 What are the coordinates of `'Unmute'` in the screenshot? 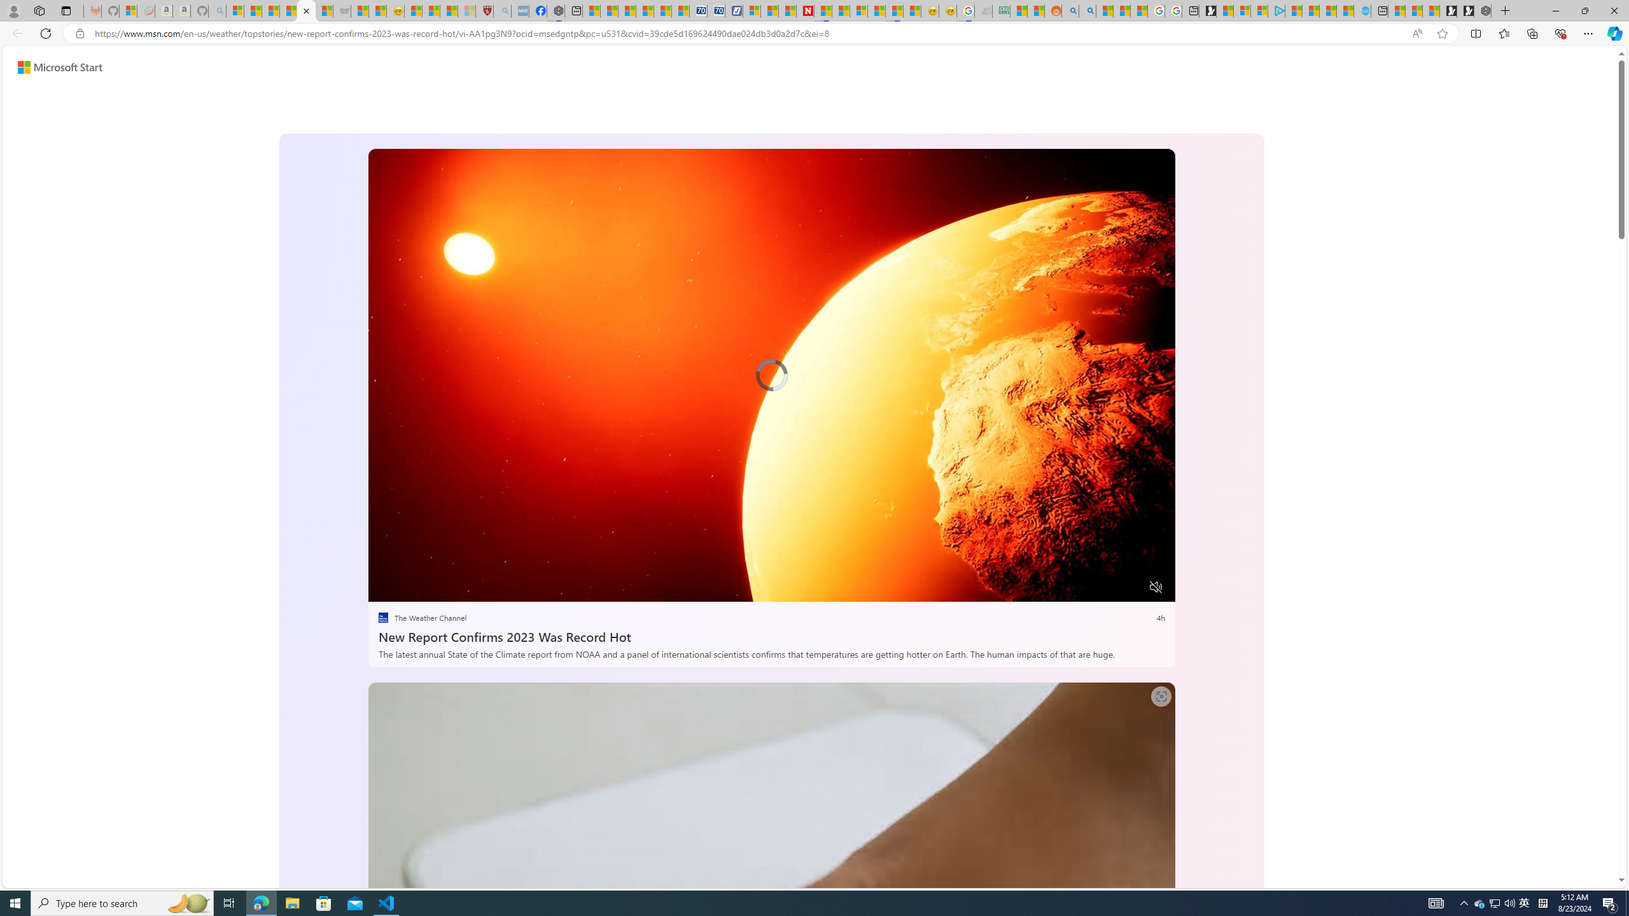 It's located at (1156, 586).